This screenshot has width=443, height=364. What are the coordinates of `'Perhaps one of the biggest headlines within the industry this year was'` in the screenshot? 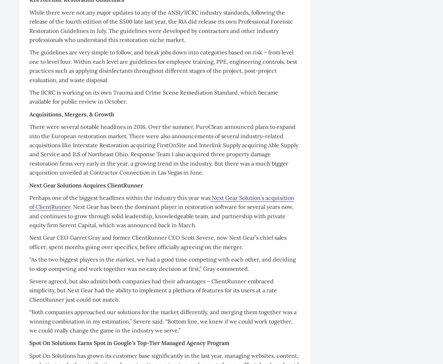 It's located at (120, 197).